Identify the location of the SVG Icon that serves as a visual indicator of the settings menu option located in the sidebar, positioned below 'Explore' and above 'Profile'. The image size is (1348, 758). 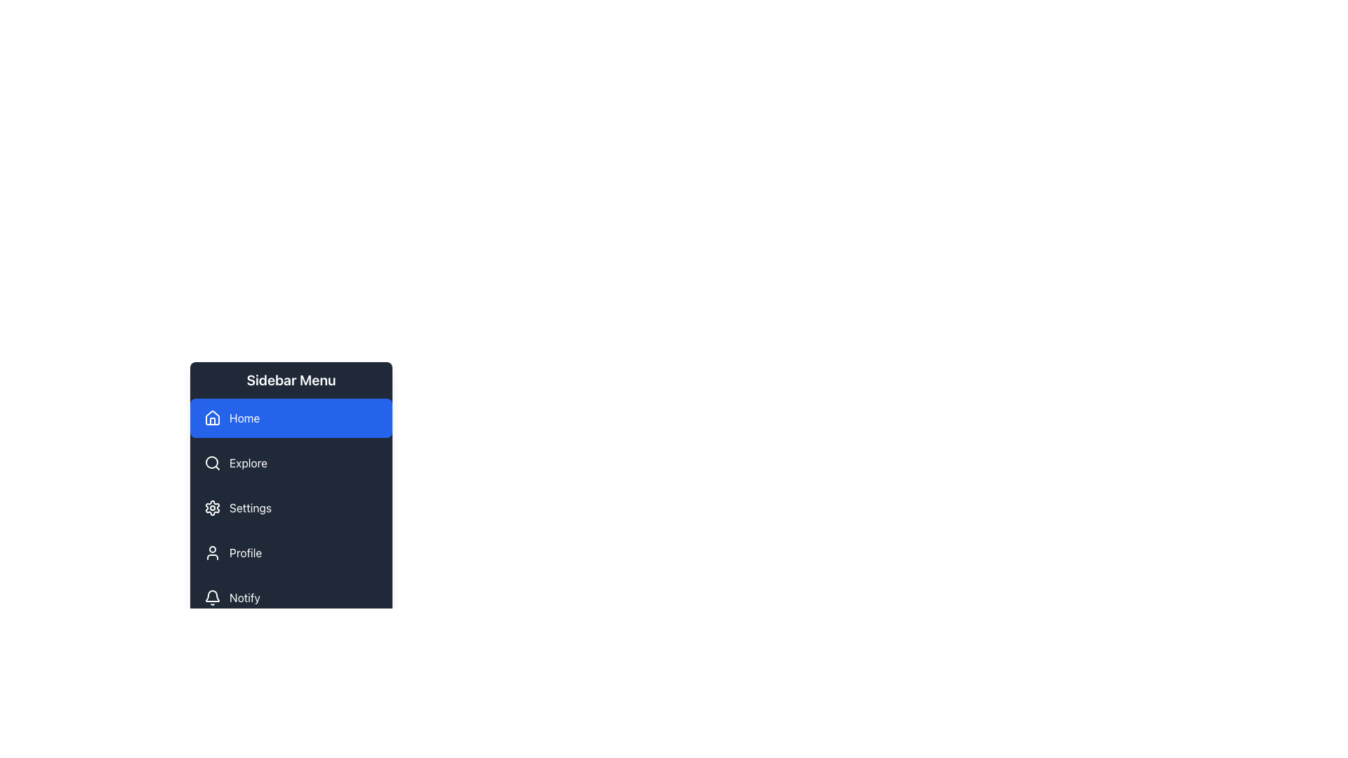
(211, 508).